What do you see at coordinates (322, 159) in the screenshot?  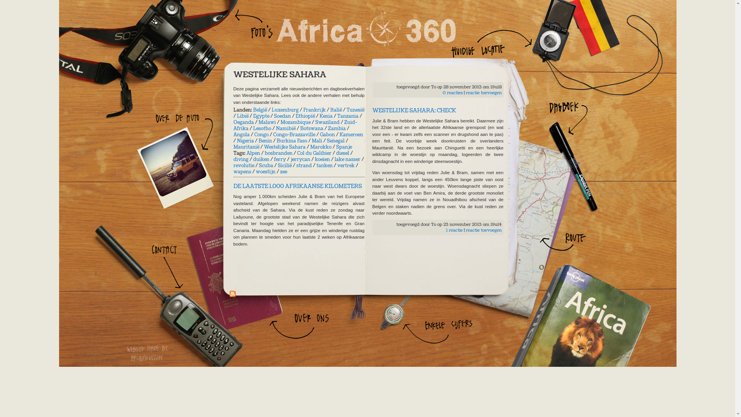 I see `'koeien'` at bounding box center [322, 159].